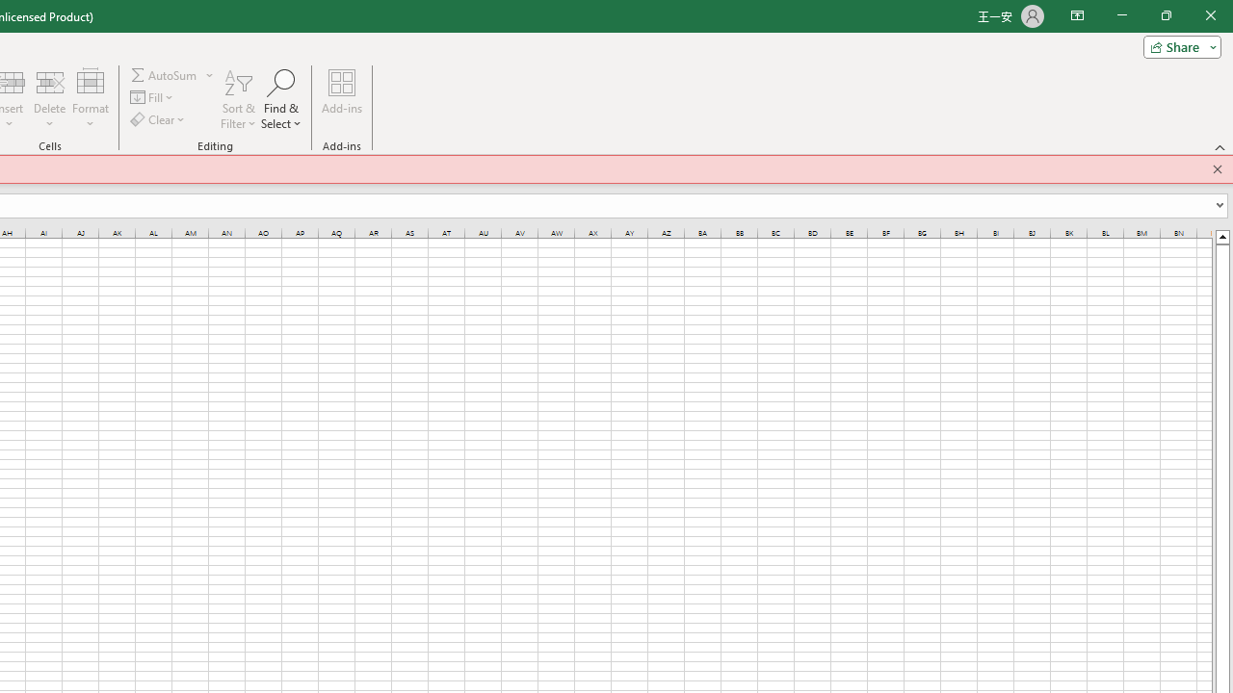 The image size is (1233, 693). I want to click on 'Clear', so click(159, 119).